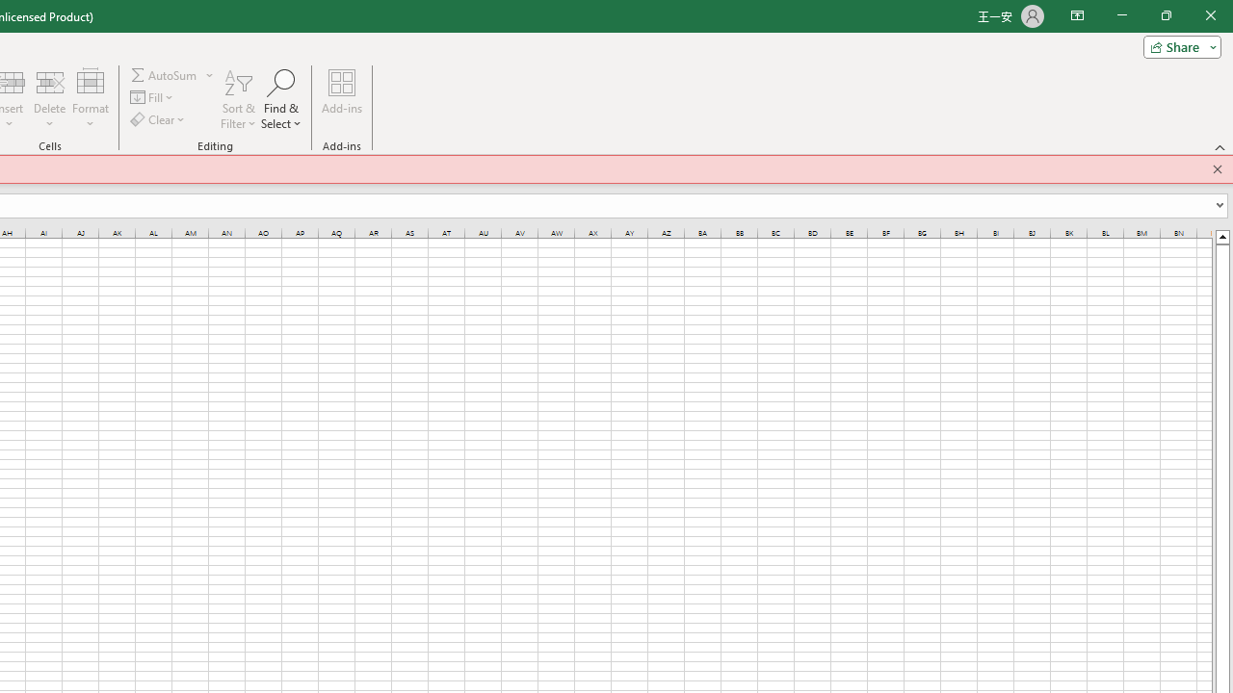 The image size is (1233, 693). I want to click on 'Clear', so click(159, 119).